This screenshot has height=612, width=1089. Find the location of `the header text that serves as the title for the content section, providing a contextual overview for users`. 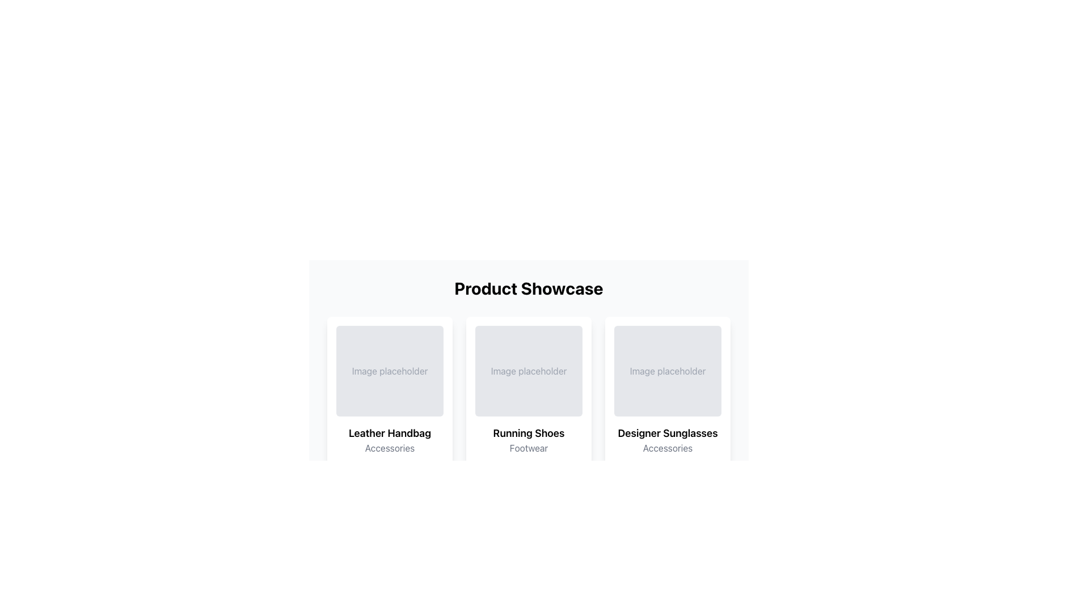

the header text that serves as the title for the content section, providing a contextual overview for users is located at coordinates (528, 288).